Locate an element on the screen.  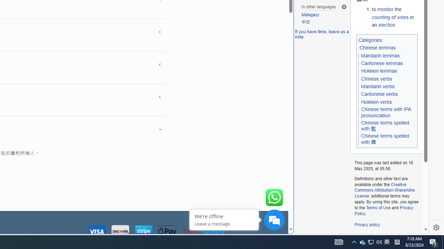
'Cantonese lemmas' is located at coordinates (381, 63).